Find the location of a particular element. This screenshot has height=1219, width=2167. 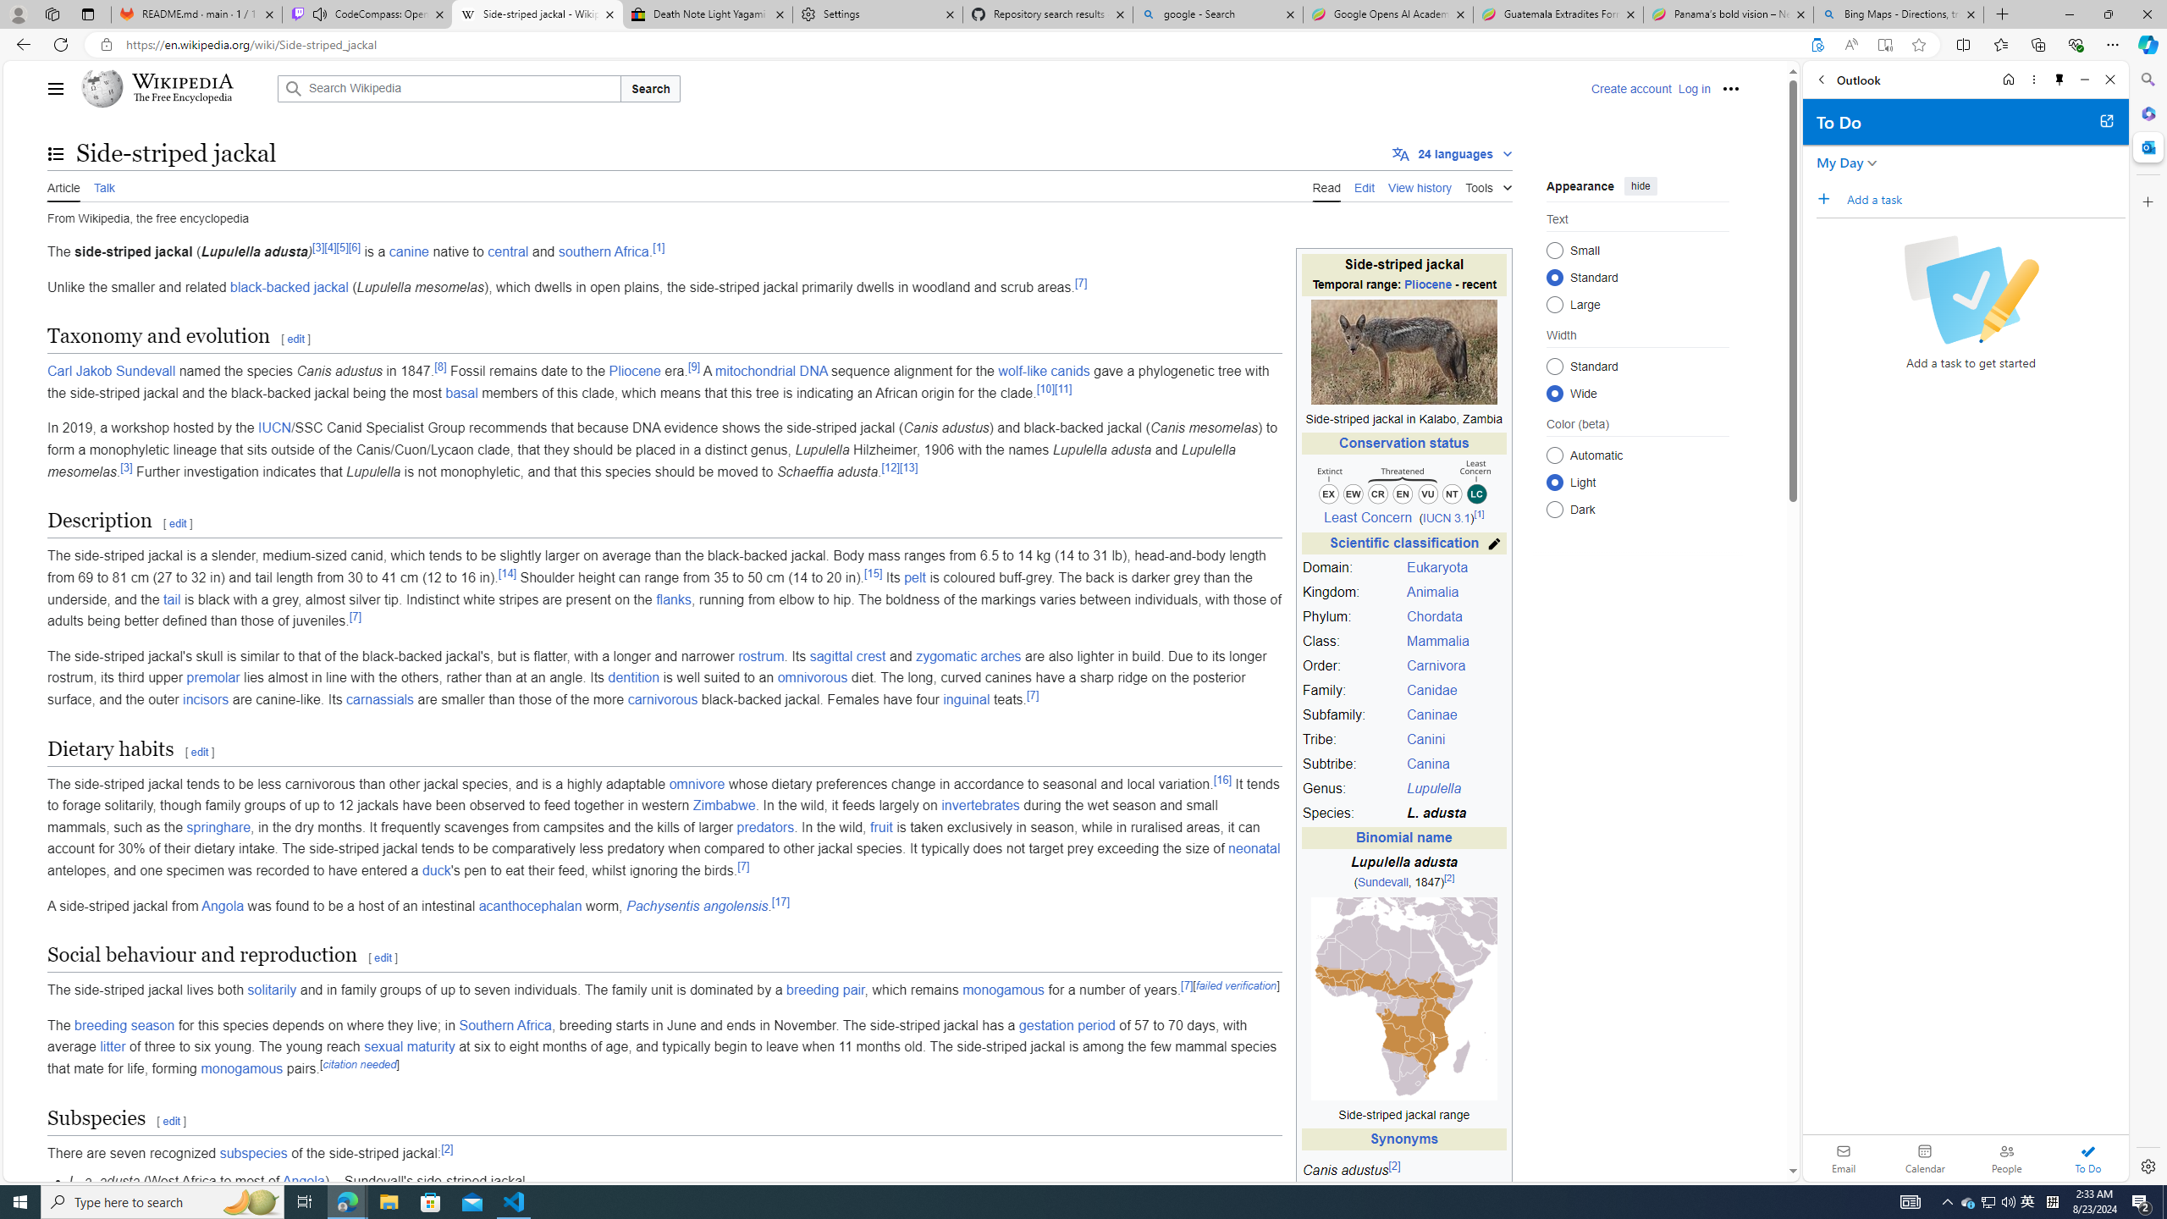

'Pachysentis angolensis' is located at coordinates (697, 904).